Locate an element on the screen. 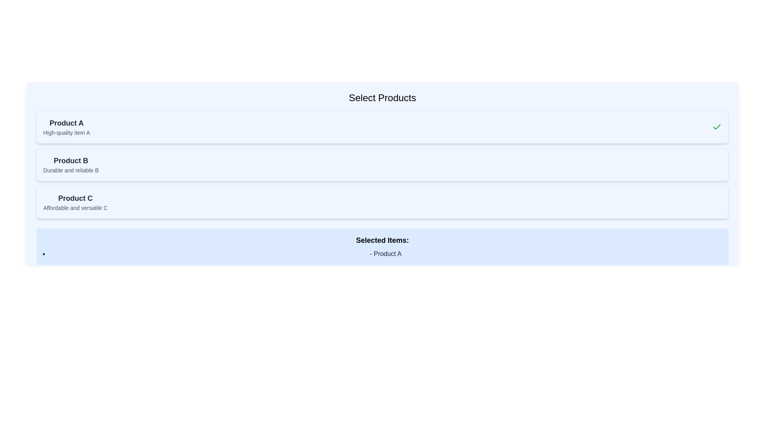  the checkmark icon indicating that Product A is selected, located in the uppermost selection panel is located at coordinates (717, 126).